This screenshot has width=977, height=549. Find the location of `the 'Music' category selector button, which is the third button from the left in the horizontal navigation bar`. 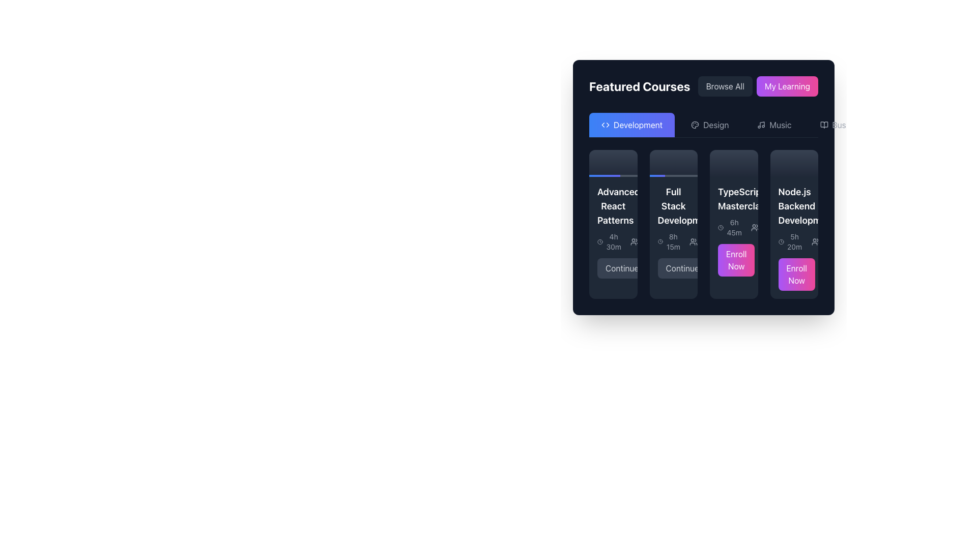

the 'Music' category selector button, which is the third button from the left in the horizontal navigation bar is located at coordinates (773, 125).